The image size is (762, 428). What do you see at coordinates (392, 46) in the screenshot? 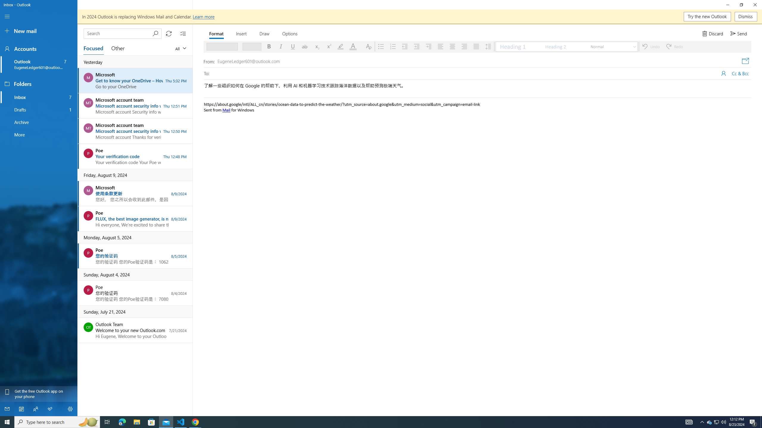
I see `'Numbering'` at bounding box center [392, 46].